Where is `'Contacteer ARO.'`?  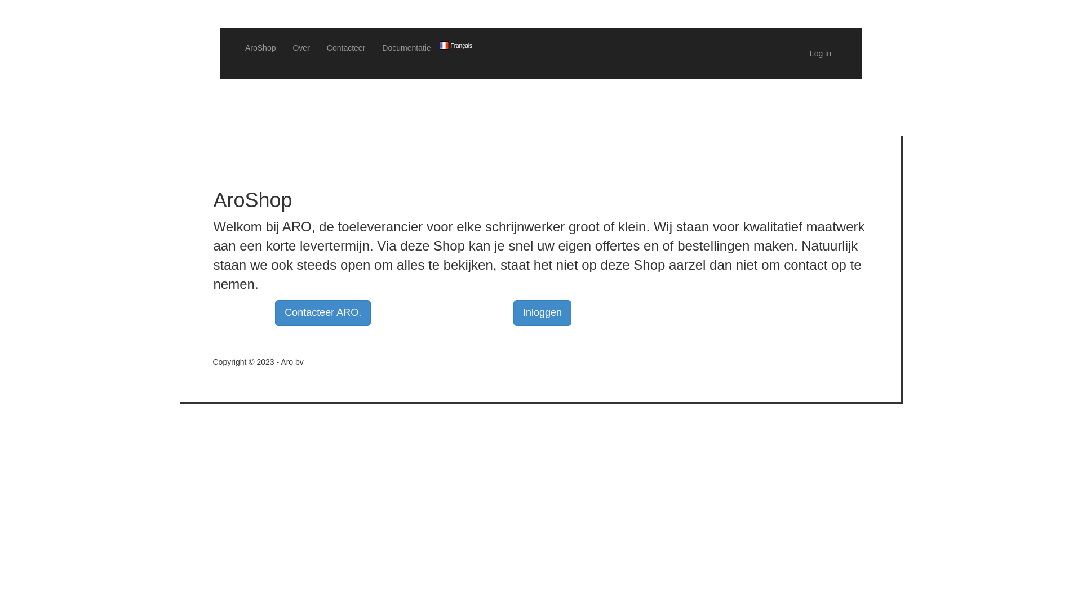 'Contacteer ARO.' is located at coordinates (322, 312).